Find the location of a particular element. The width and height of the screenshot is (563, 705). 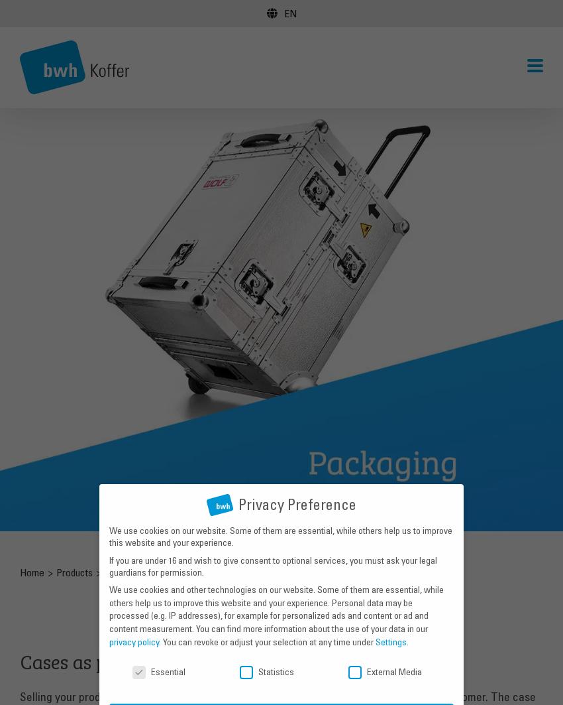

'Home' is located at coordinates (18, 570).